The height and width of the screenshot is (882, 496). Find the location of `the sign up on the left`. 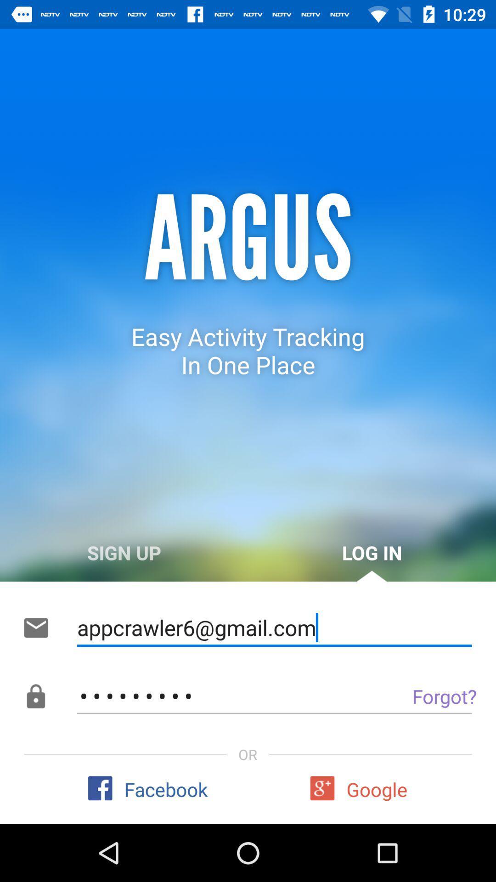

the sign up on the left is located at coordinates (124, 552).